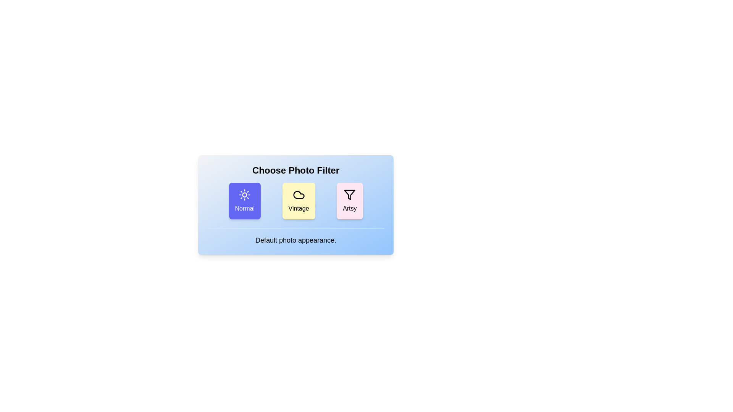  I want to click on the filter Vintage by clicking on its corresponding button, so click(298, 201).